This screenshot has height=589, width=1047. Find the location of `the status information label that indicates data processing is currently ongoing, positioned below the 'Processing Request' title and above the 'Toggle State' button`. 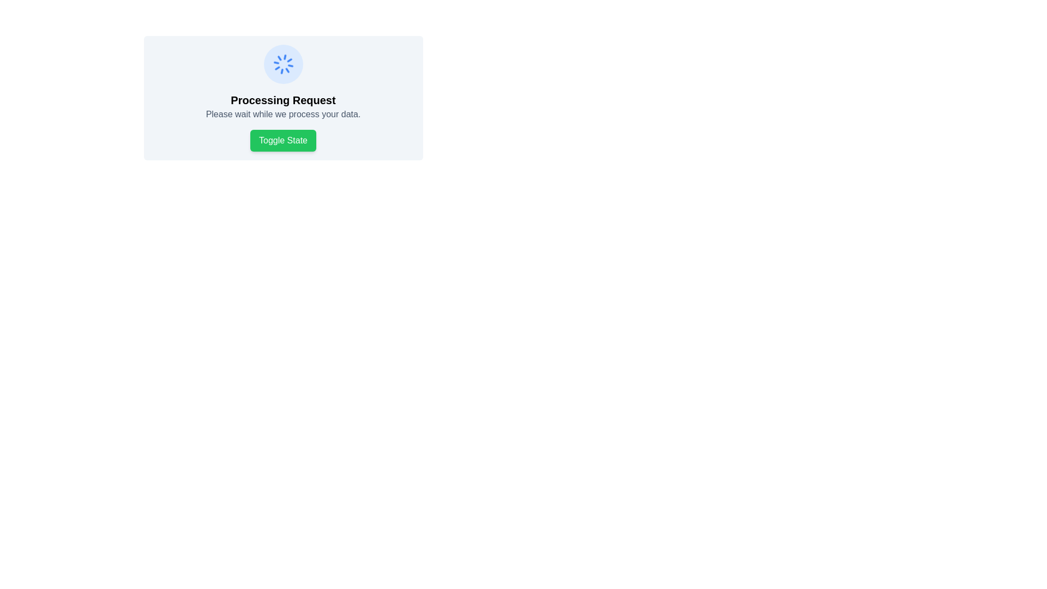

the status information label that indicates data processing is currently ongoing, positioned below the 'Processing Request' title and above the 'Toggle State' button is located at coordinates (283, 114).